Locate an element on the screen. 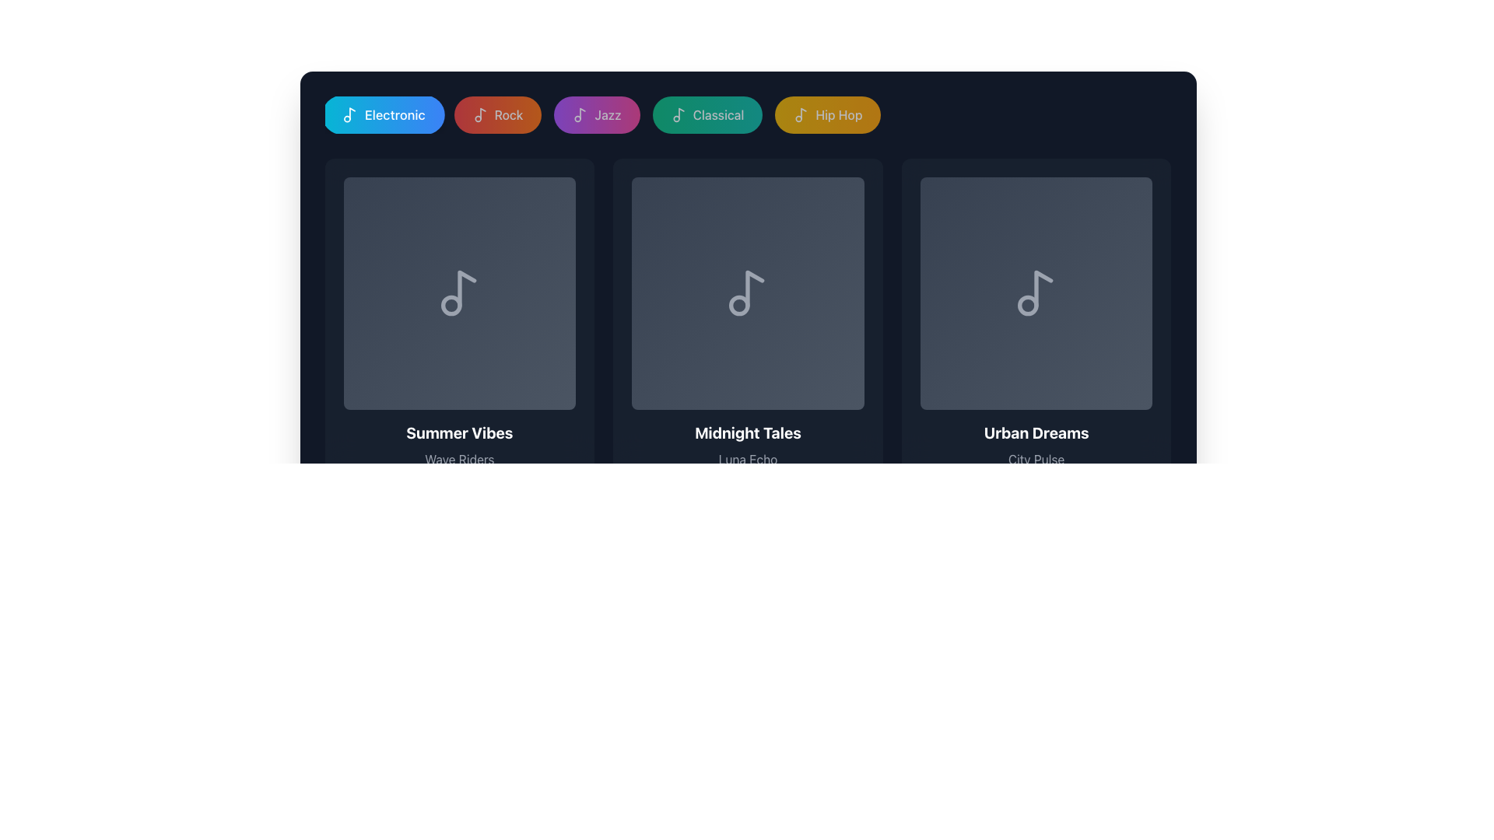  the text block displaying the title, artist, and details of the first music playlist or album to trigger a tooltip or highlight is located at coordinates (458, 455).